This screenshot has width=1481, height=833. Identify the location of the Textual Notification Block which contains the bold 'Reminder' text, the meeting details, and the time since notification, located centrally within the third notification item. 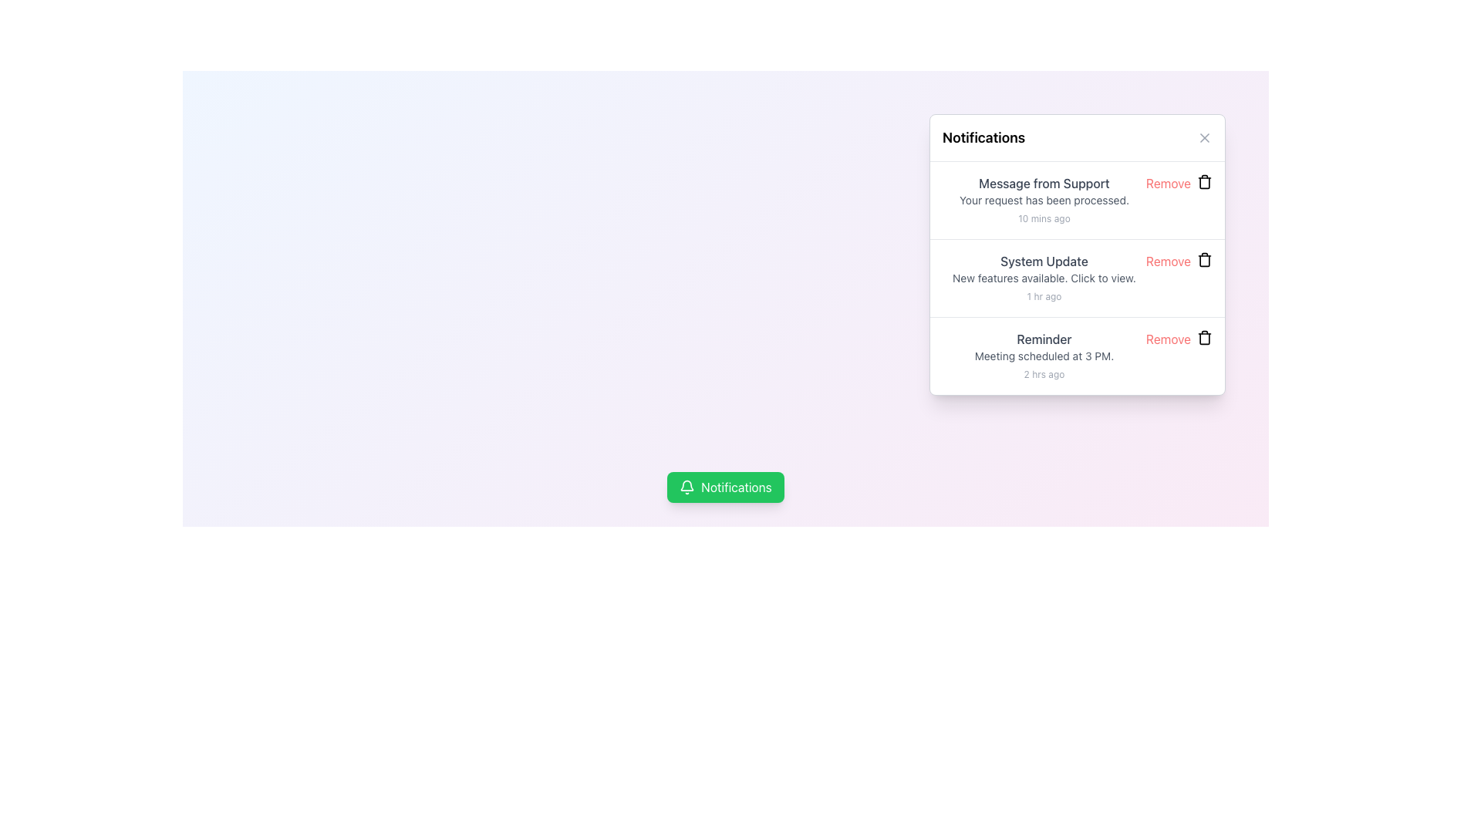
(1044, 356).